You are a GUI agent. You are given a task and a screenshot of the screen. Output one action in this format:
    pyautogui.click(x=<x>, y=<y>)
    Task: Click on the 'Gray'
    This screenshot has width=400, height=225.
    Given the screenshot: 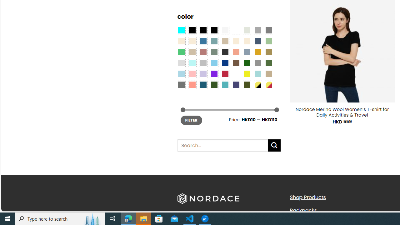 What is the action you would take?
    pyautogui.click(x=257, y=62)
    